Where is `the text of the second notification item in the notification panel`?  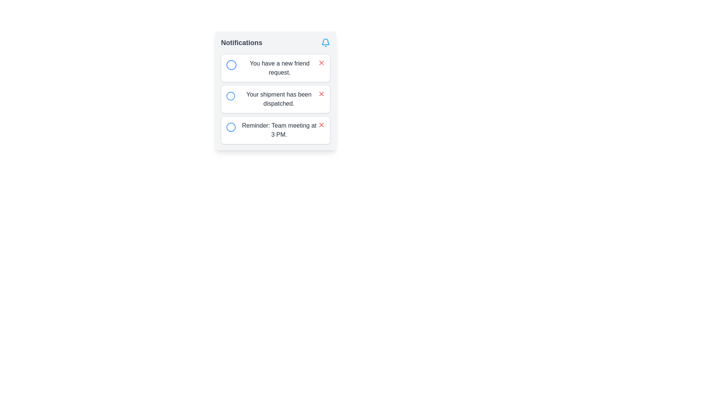 the text of the second notification item in the notification panel is located at coordinates (275, 90).